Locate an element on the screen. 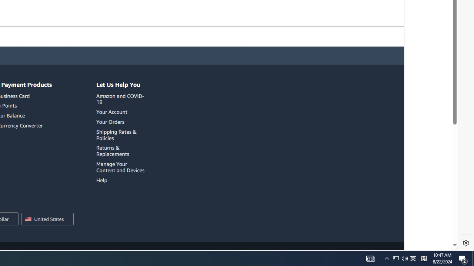 Image resolution: width=474 pixels, height=266 pixels. 'Your Account' is located at coordinates (121, 112).